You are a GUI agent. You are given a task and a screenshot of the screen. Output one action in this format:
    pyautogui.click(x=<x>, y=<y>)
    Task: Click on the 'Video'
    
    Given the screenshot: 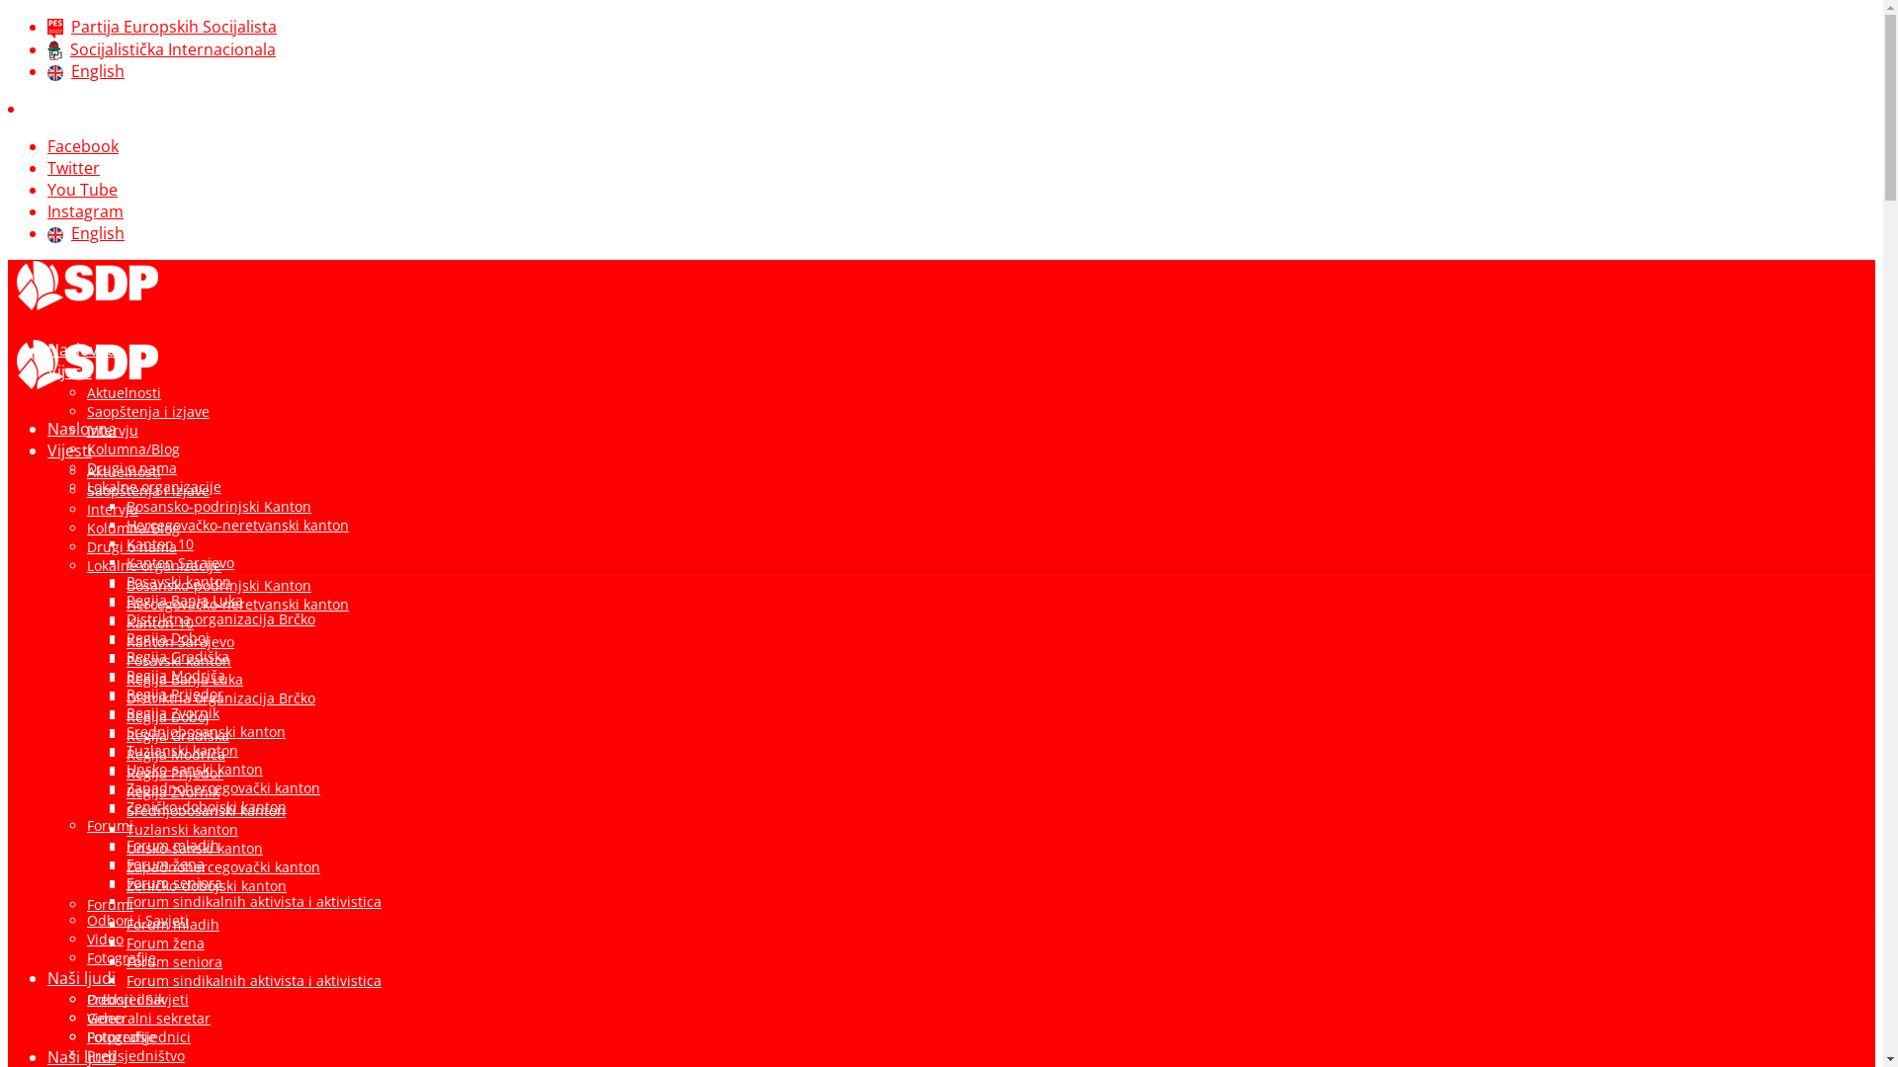 What is the action you would take?
    pyautogui.click(x=104, y=938)
    